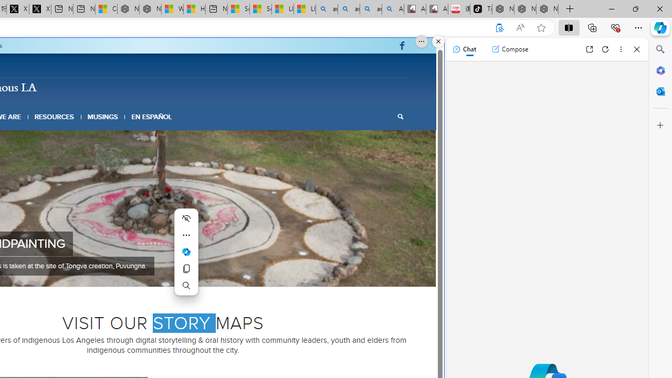 The height and width of the screenshot is (378, 672). Describe the element at coordinates (464, 49) in the screenshot. I see `'Chat'` at that location.